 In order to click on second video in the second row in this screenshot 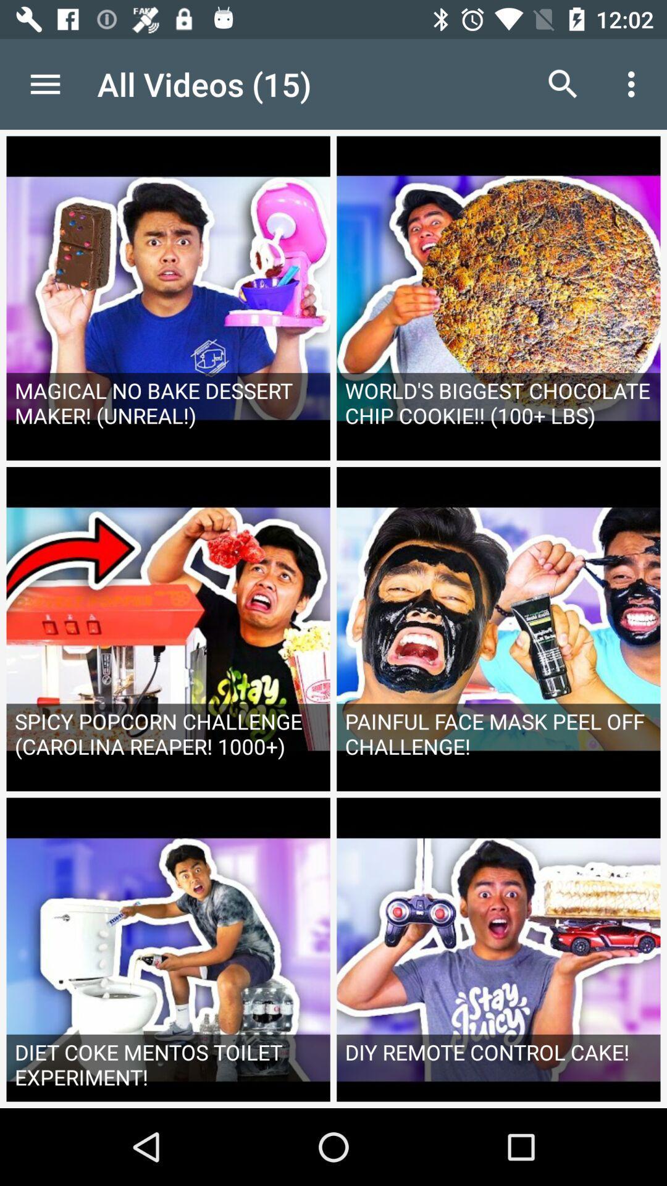, I will do `click(498, 629)`.